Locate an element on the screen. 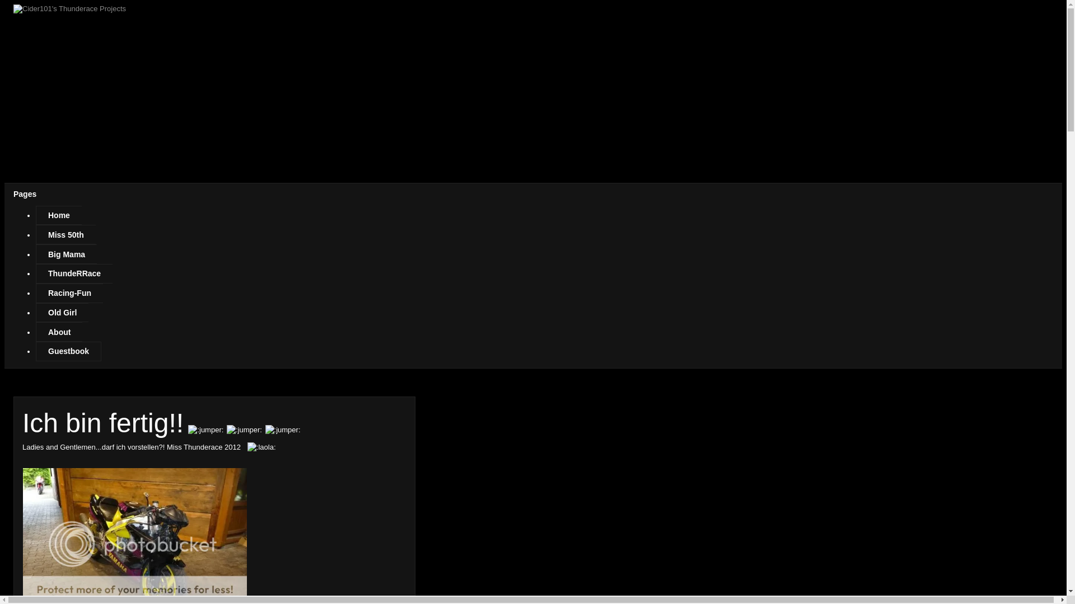 The width and height of the screenshot is (1075, 604). 'ThundeRRace' is located at coordinates (73, 273).